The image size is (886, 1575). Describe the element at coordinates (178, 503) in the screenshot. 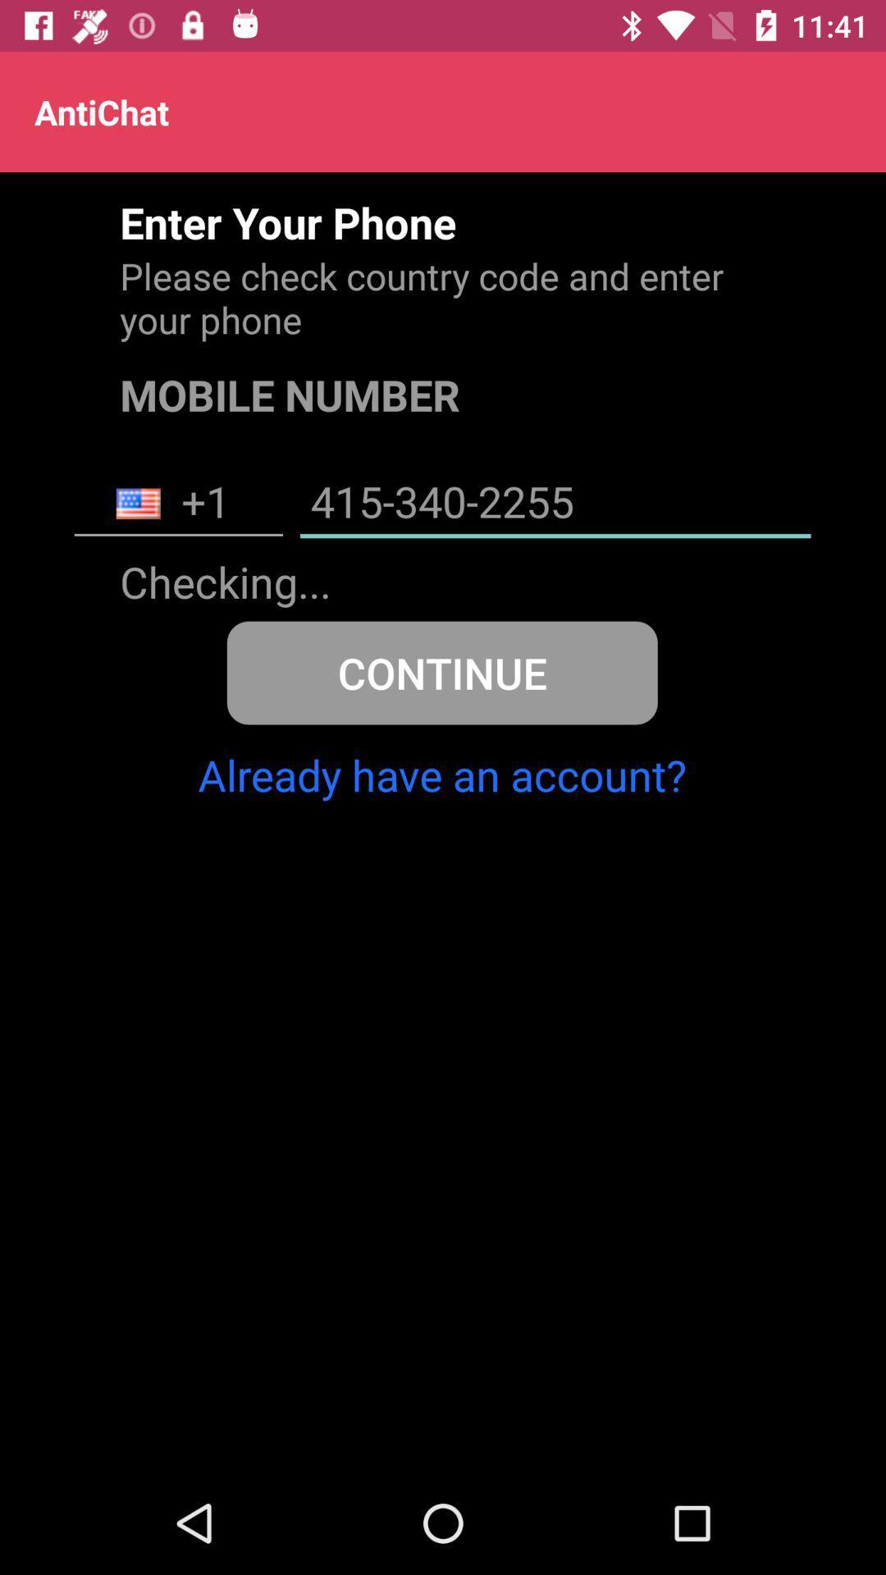

I see `the item next to the  415-340-2255` at that location.